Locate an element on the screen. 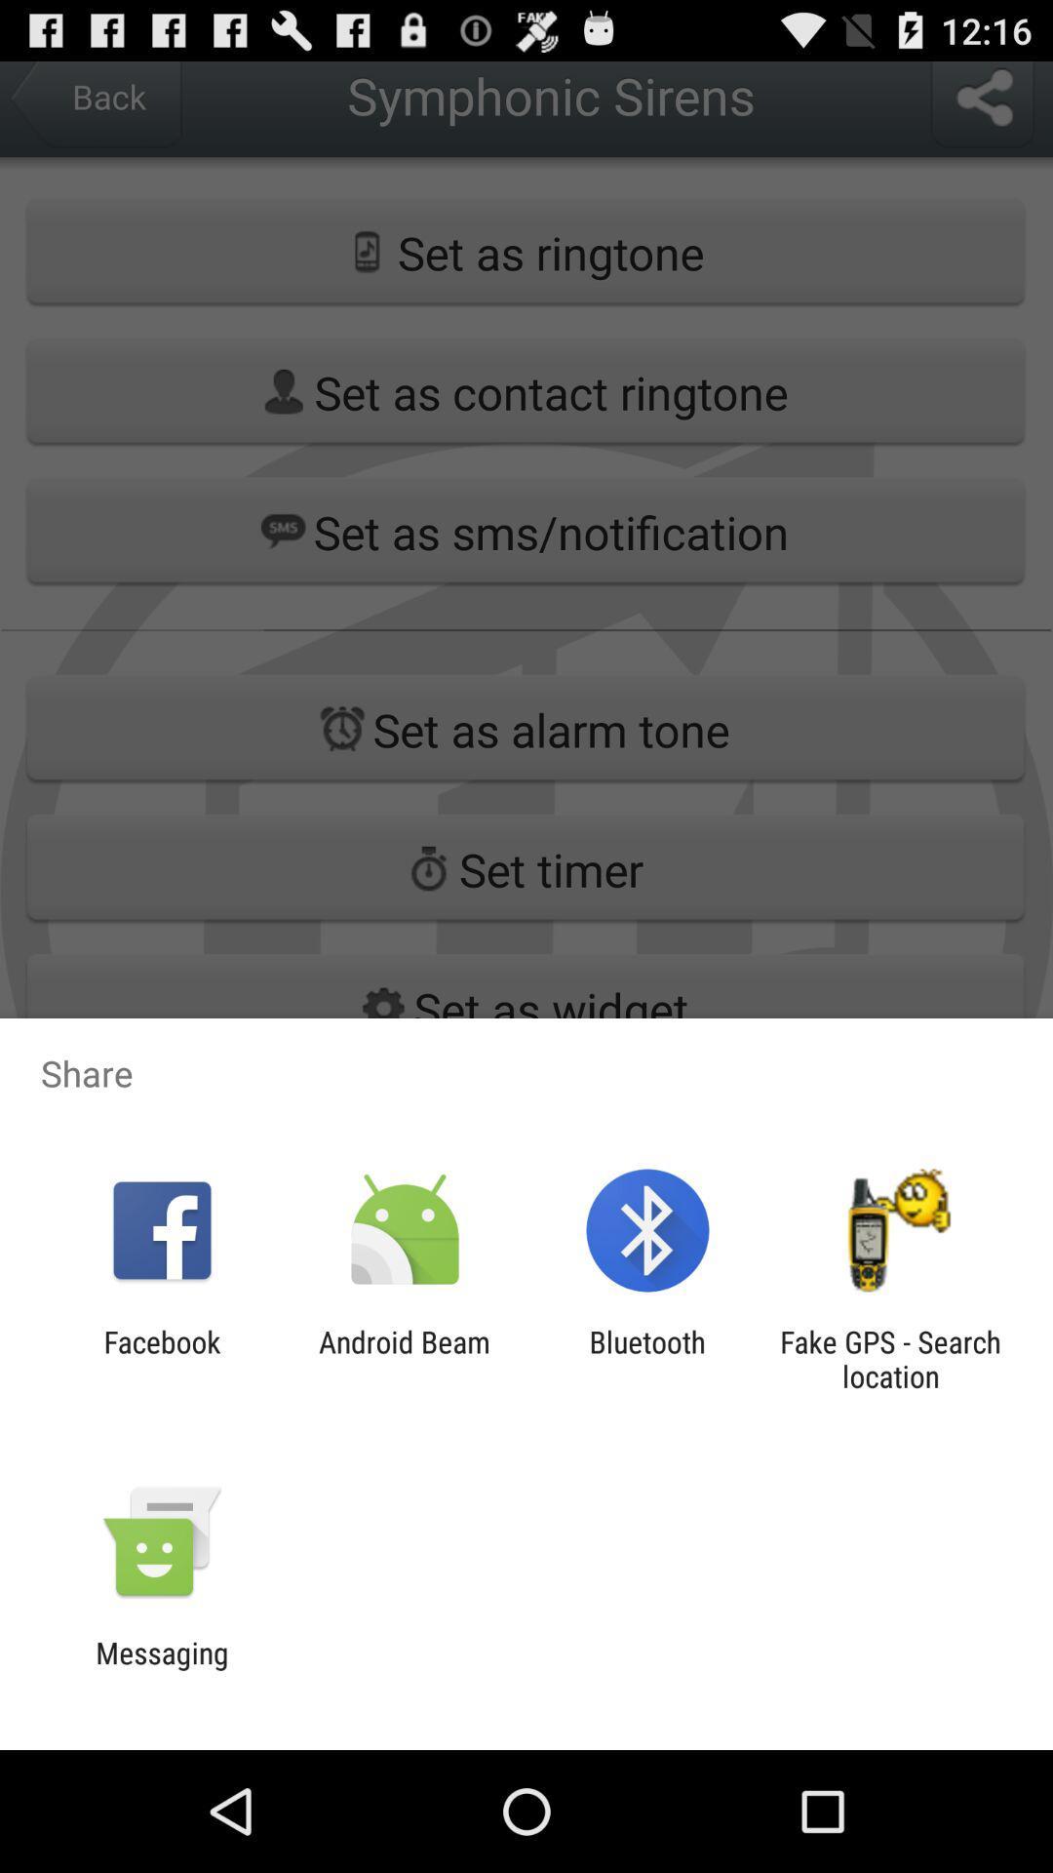  item to the right of android beam icon is located at coordinates (647, 1358).